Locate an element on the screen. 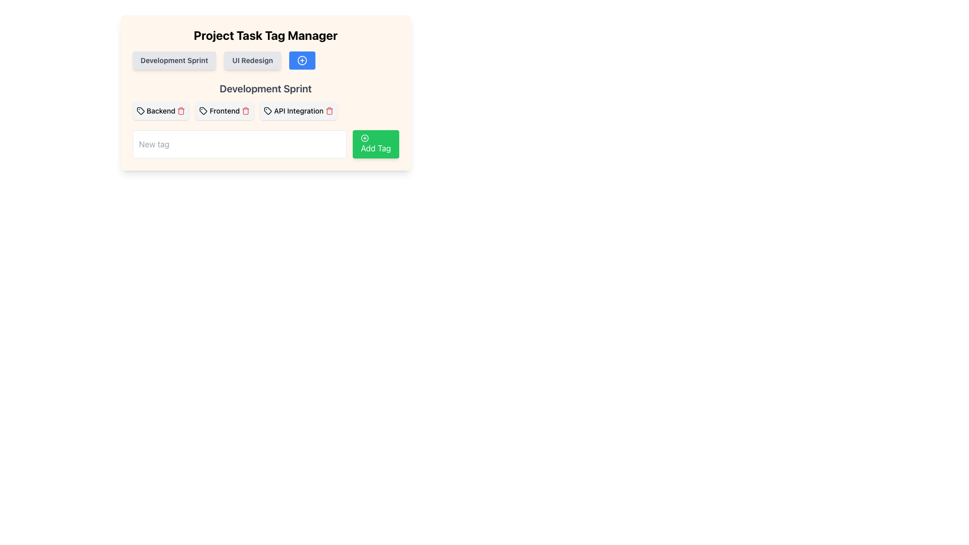 The width and height of the screenshot is (969, 545). the Text header that reads 'Project Task Tag Manager', which is styled in a bold and large font, located near the top of the interface is located at coordinates (265, 34).